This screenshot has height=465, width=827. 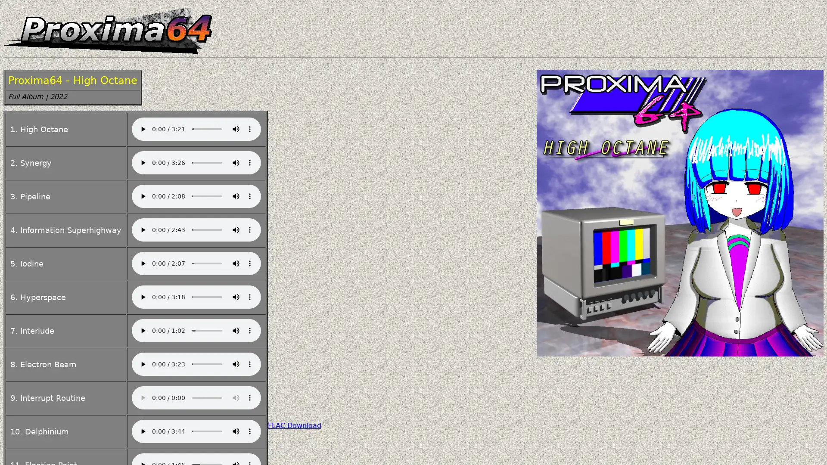 What do you see at coordinates (143, 431) in the screenshot?
I see `play` at bounding box center [143, 431].